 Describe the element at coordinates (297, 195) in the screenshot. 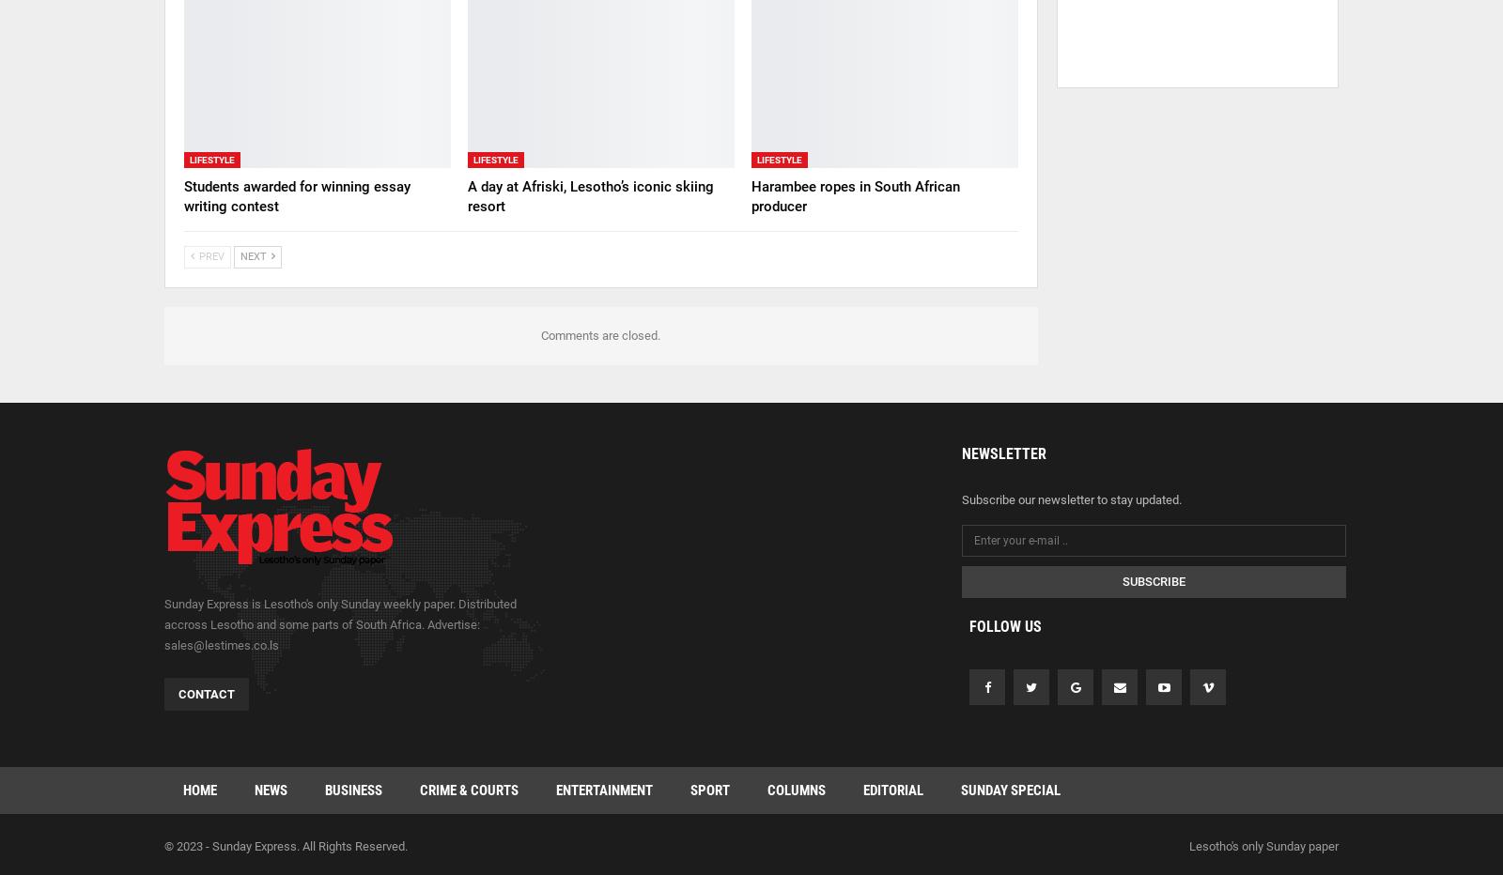

I see `'Students awarded for winning essay writing contest'` at that location.